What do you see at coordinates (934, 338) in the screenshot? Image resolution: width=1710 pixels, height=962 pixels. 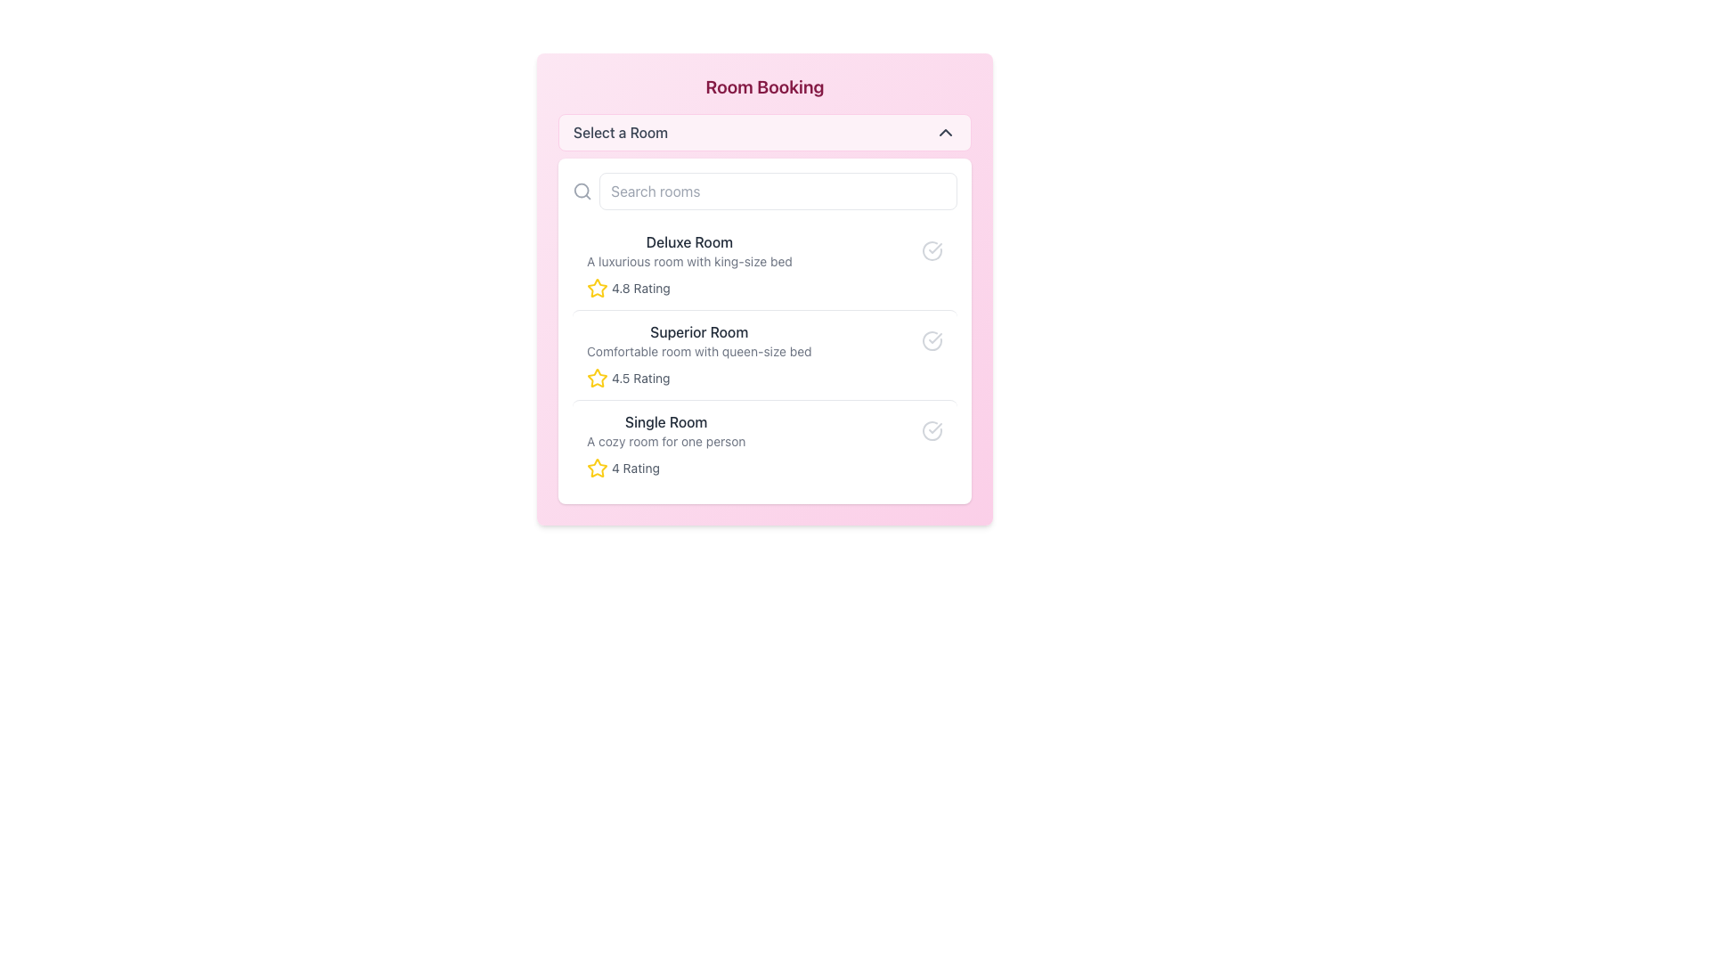 I see `the visual confirmation represented by the checkmark graphic associated with the 'Single Room' selection in the room selection interface` at bounding box center [934, 338].